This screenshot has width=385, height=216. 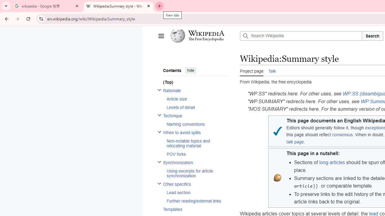 I want to click on 'Wikipedia', so click(x=206, y=33).